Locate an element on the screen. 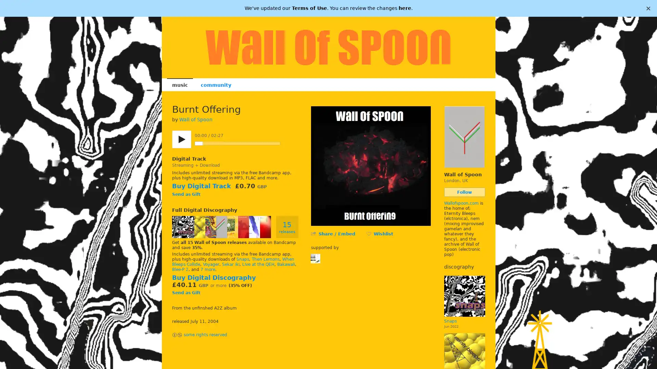 This screenshot has height=369, width=657. Send as Gift is located at coordinates (186, 195).